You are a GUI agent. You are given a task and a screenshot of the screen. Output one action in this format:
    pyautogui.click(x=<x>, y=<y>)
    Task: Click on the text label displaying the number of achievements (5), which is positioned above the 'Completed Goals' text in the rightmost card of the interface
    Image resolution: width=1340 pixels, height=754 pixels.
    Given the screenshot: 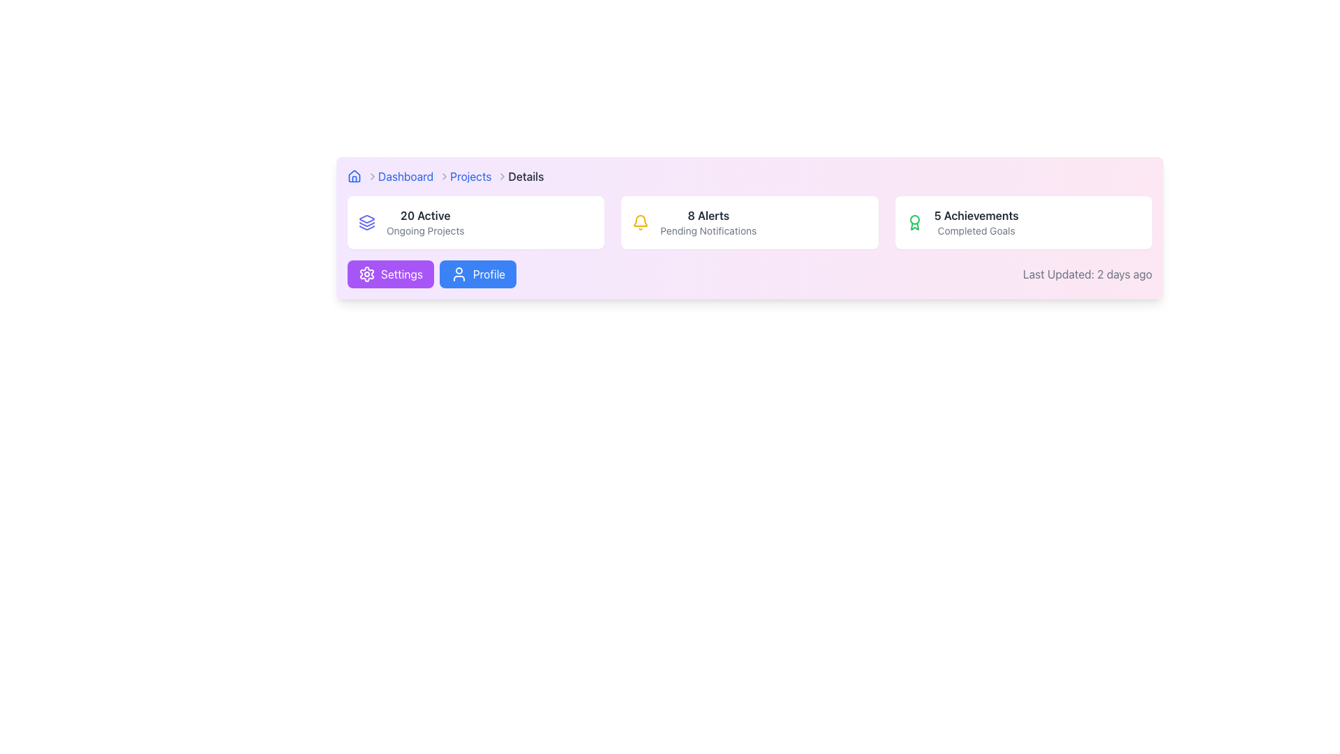 What is the action you would take?
    pyautogui.click(x=976, y=215)
    